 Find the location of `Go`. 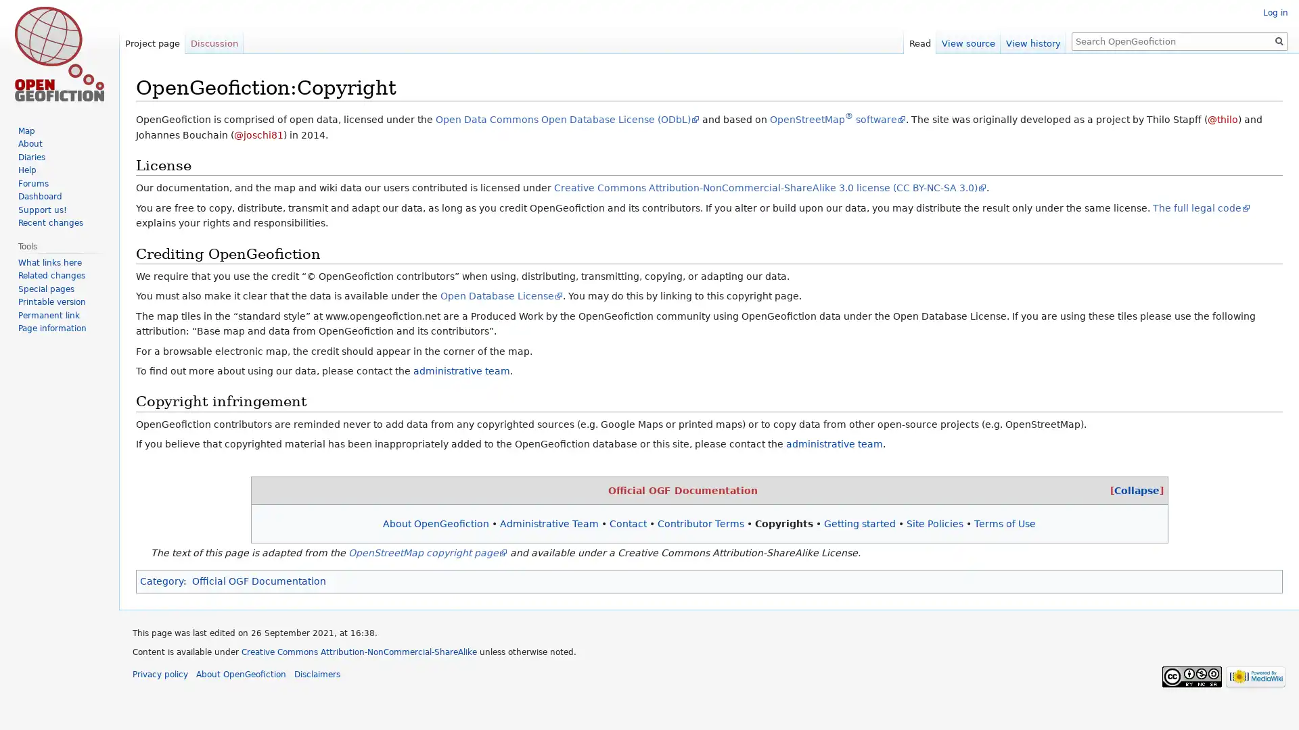

Go is located at coordinates (1279, 41).